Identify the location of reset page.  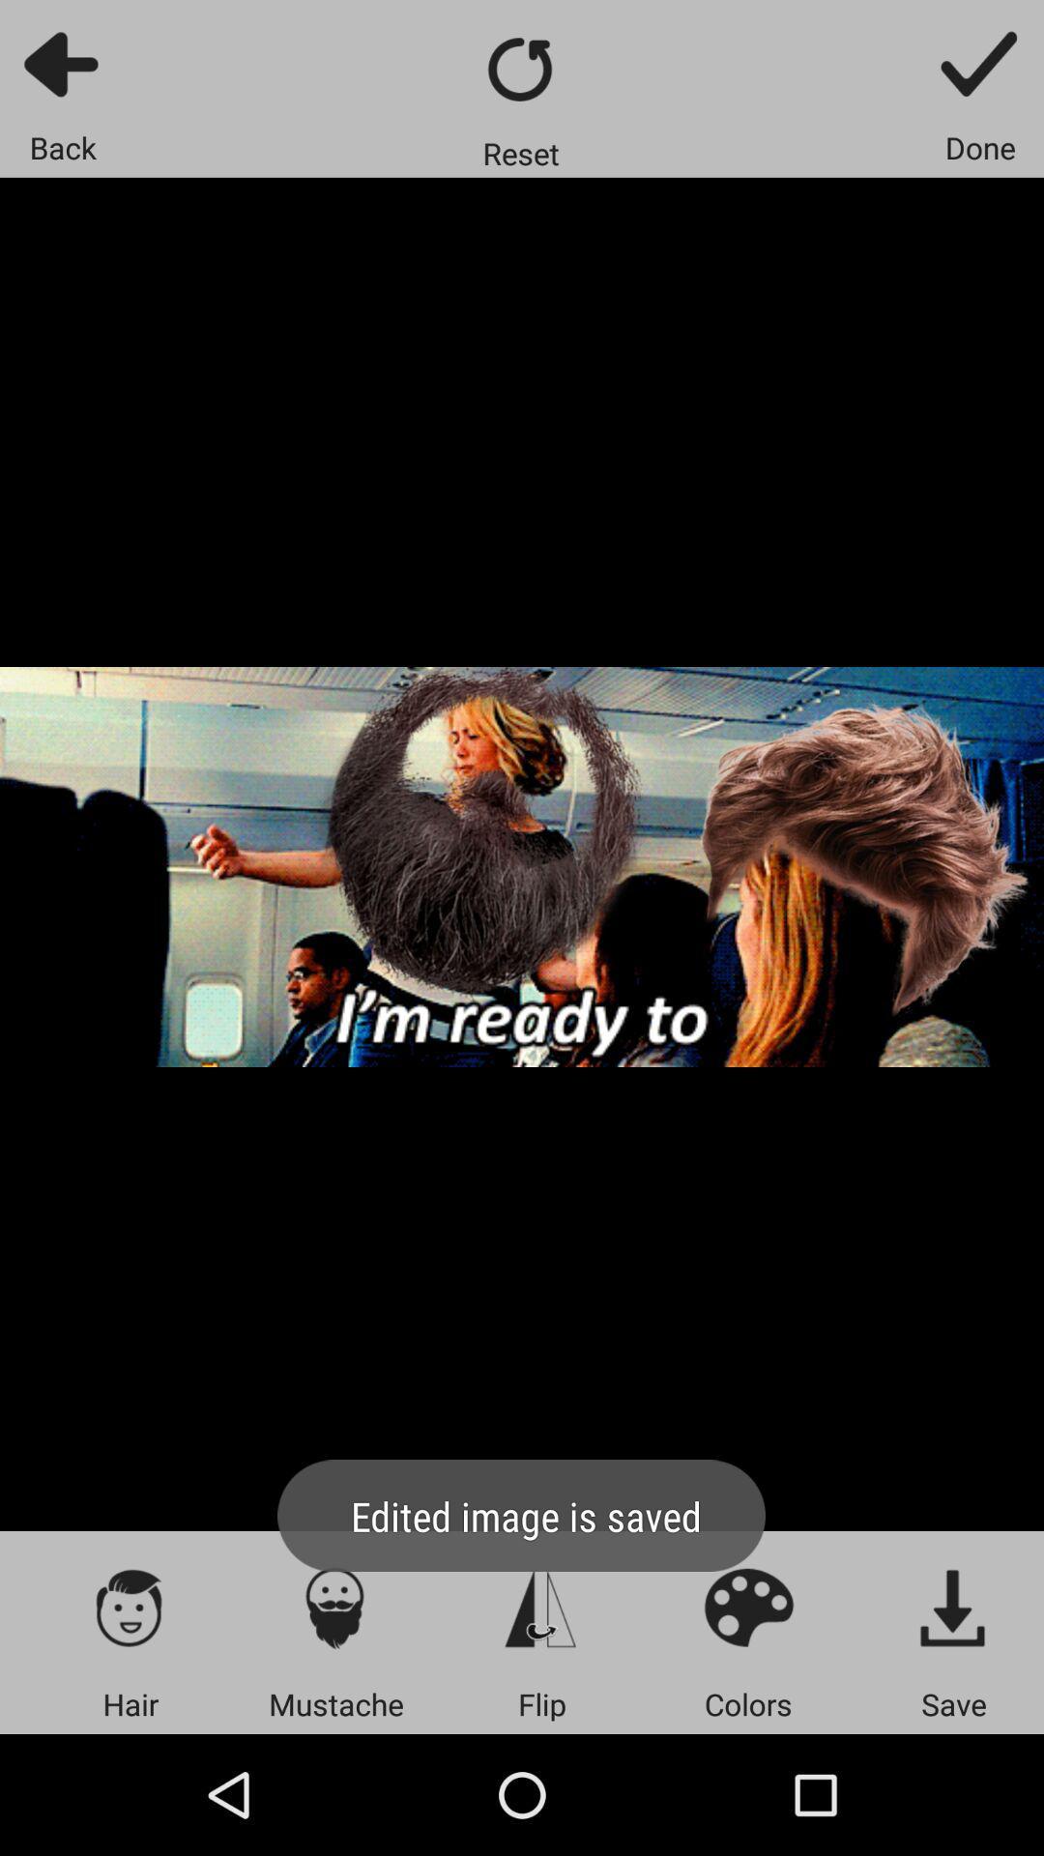
(520, 69).